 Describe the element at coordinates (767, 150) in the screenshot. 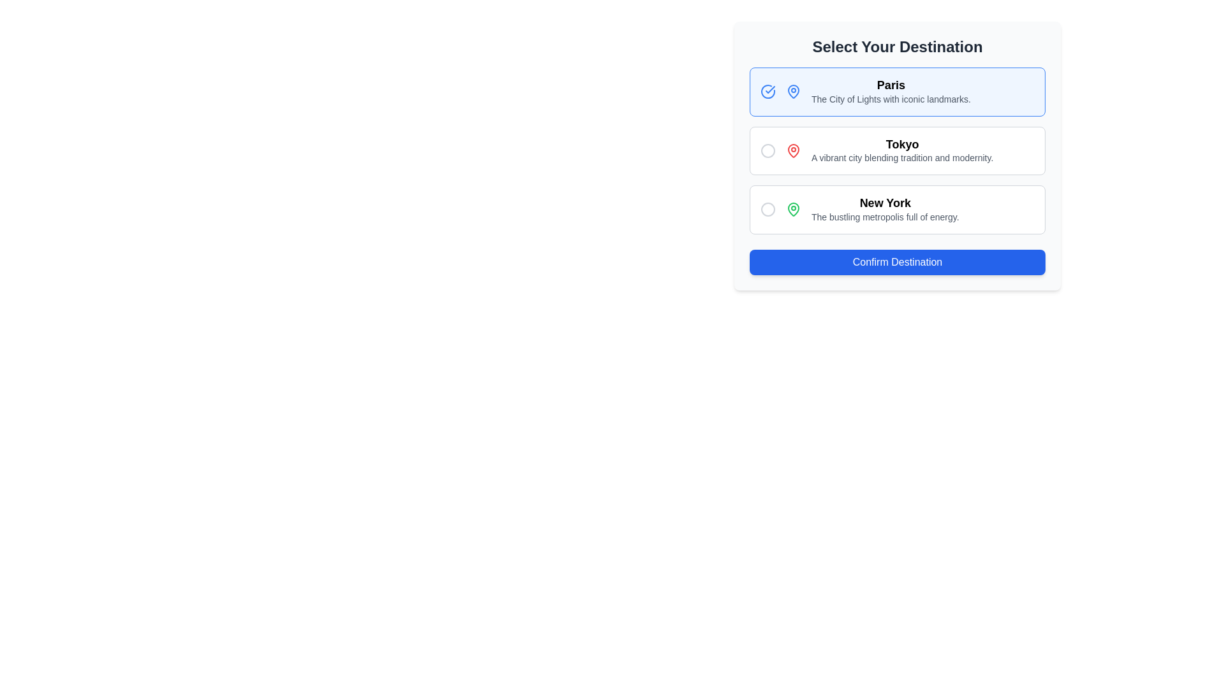

I see `the radio button located on the left side of the row containing the 'Tokyo' destination option` at that location.